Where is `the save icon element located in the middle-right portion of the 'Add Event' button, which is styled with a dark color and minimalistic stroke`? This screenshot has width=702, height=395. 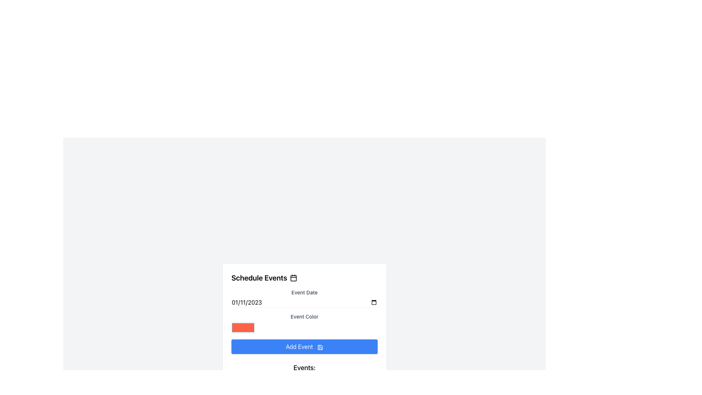 the save icon element located in the middle-right portion of the 'Add Event' button, which is styled with a dark color and minimalistic stroke is located at coordinates (320, 347).